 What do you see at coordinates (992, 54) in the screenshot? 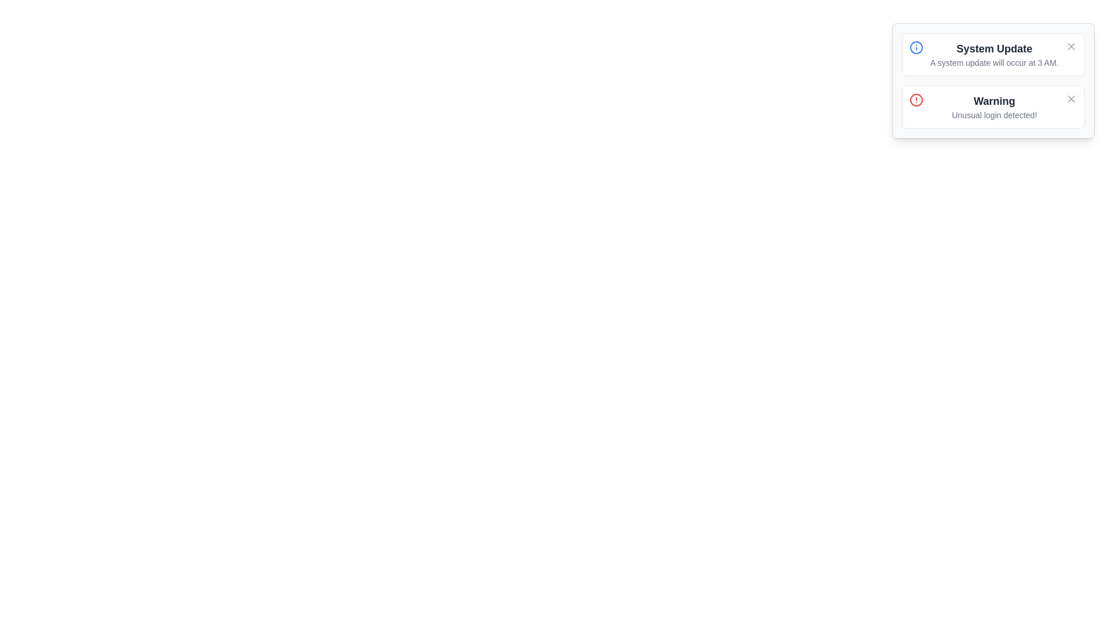
I see `information displayed on the Notification card located at the top-right corner of the interface, above the Warning card` at bounding box center [992, 54].